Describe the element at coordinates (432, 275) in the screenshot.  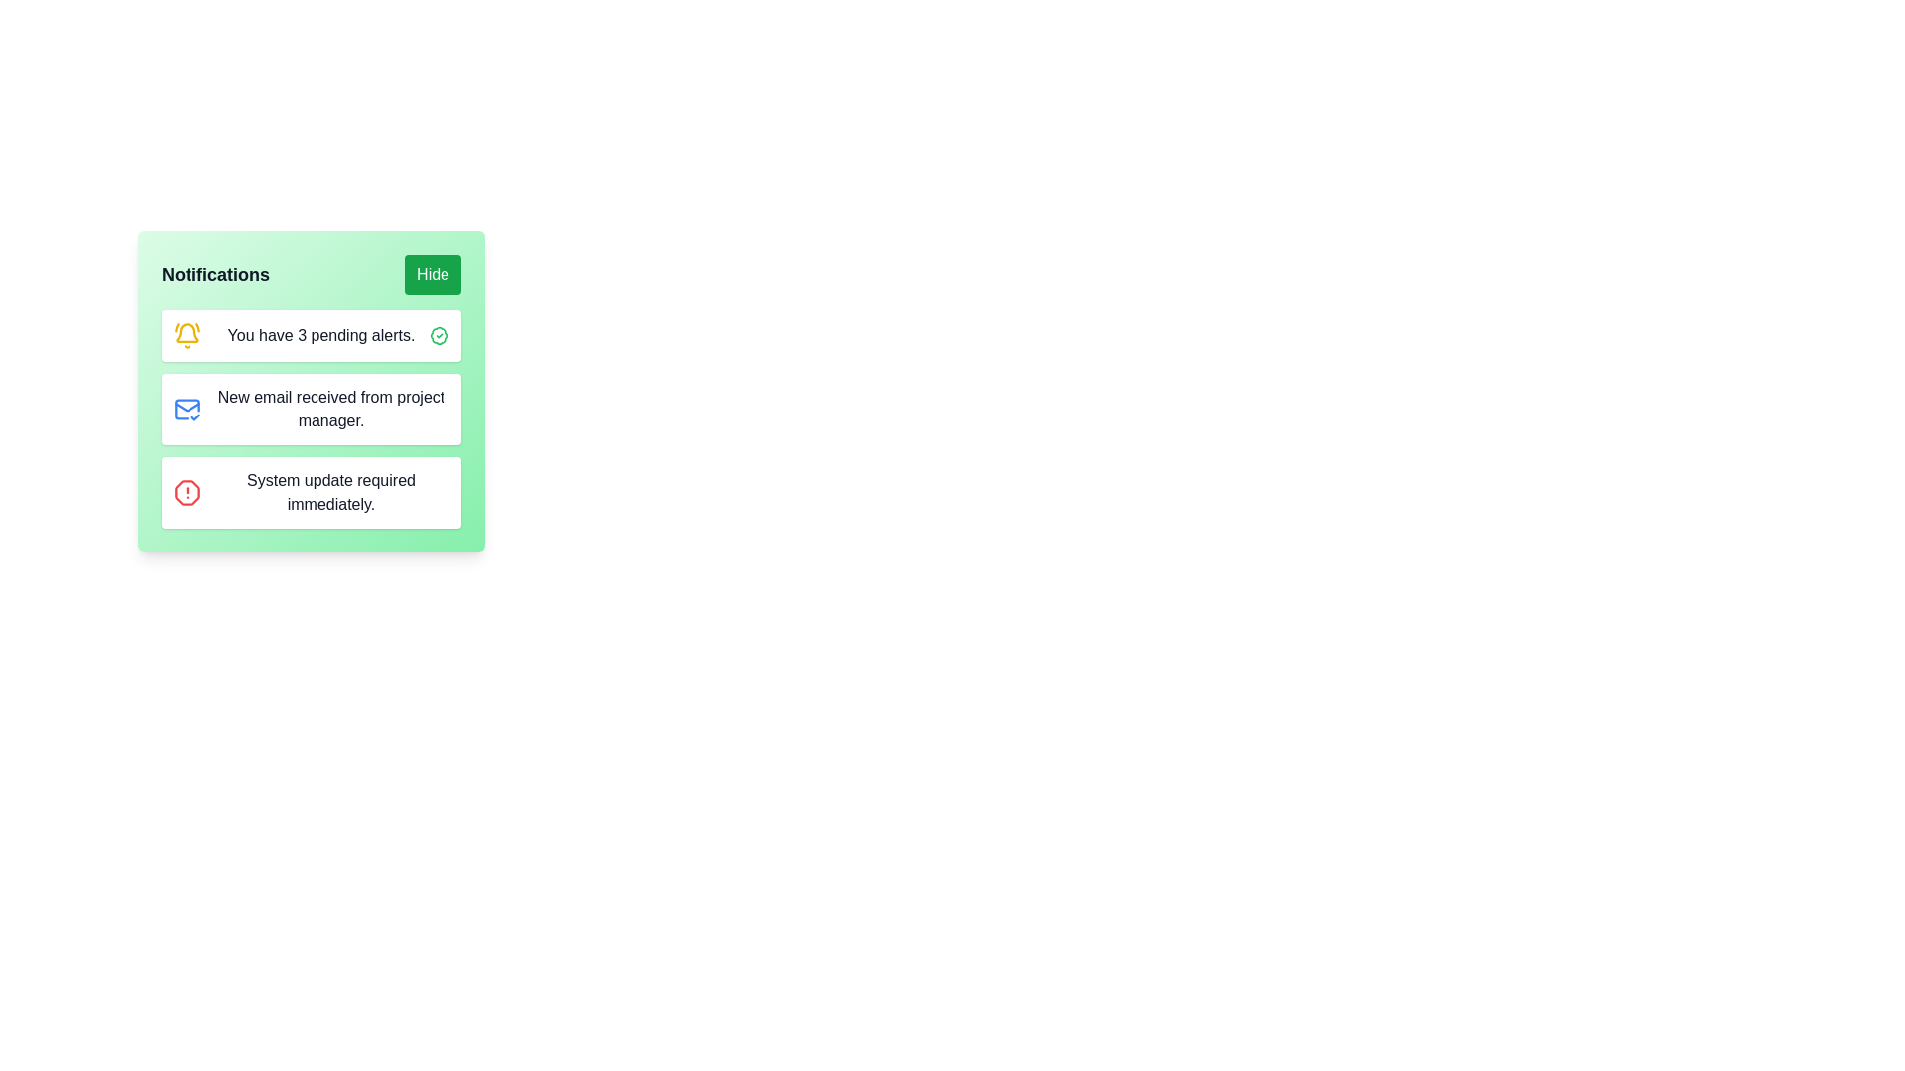
I see `the 'Hide' button with a green background and white bold text to hide the notification panel` at that location.